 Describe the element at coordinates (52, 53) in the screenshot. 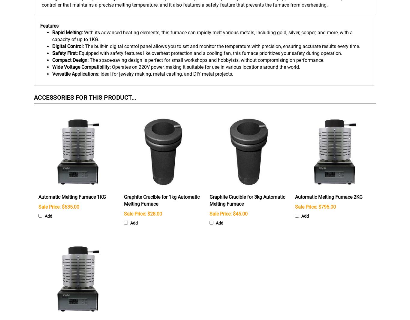

I see `'Safety First:'` at that location.